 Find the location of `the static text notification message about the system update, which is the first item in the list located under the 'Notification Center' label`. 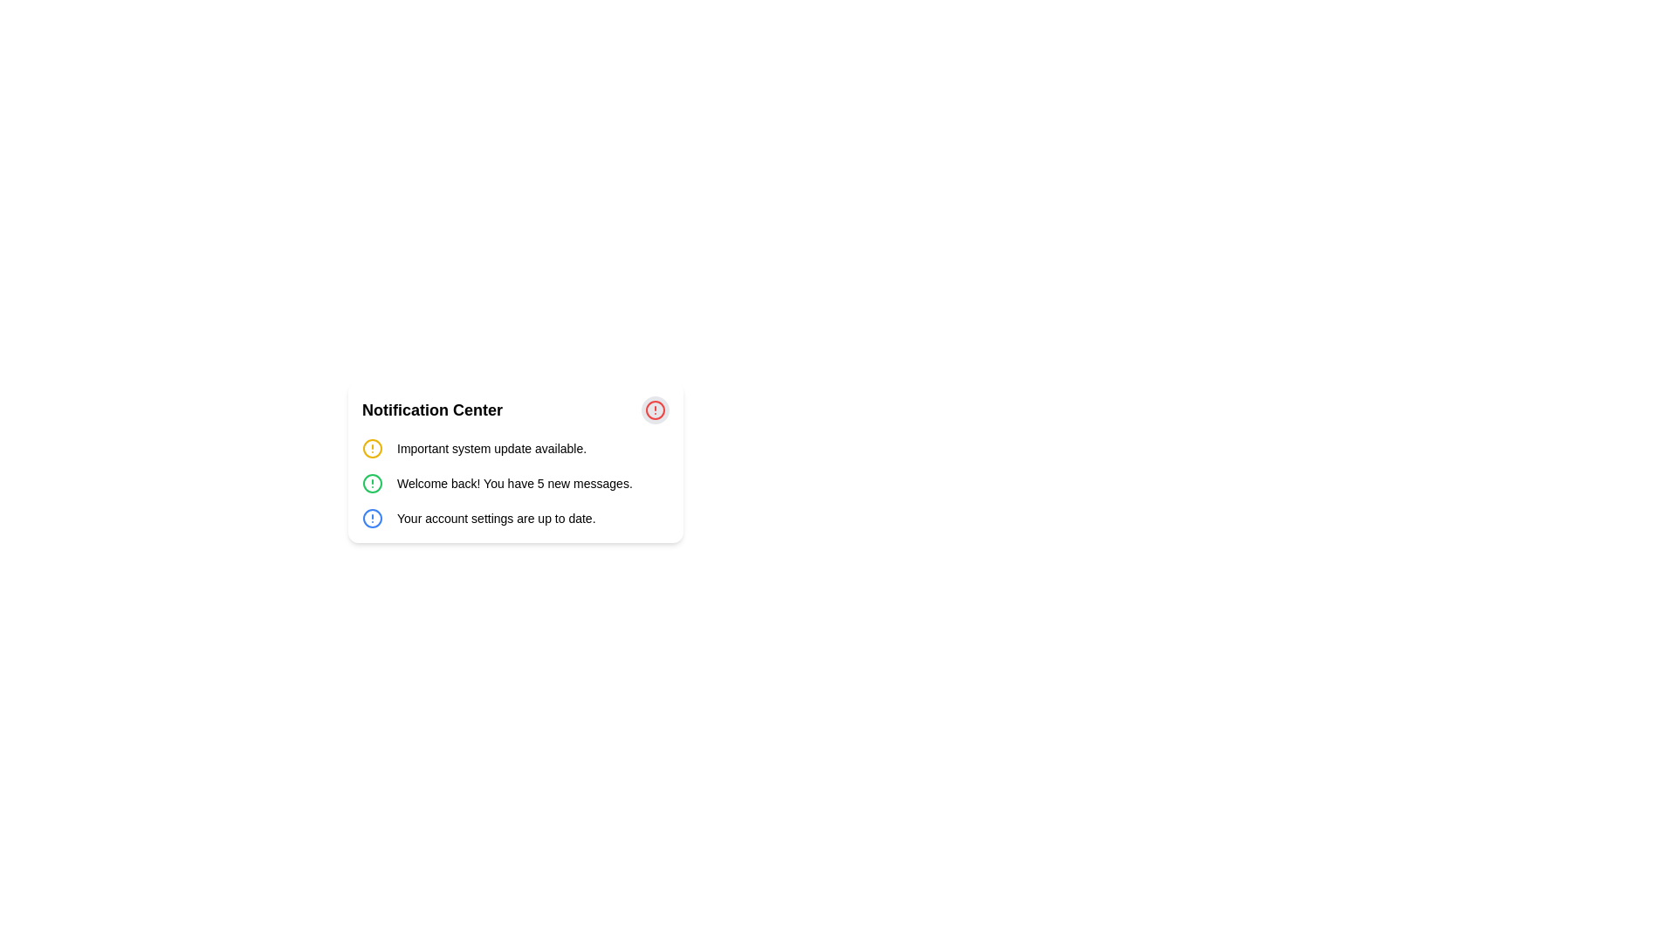

the static text notification message about the system update, which is the first item in the list located under the 'Notification Center' label is located at coordinates (491, 447).